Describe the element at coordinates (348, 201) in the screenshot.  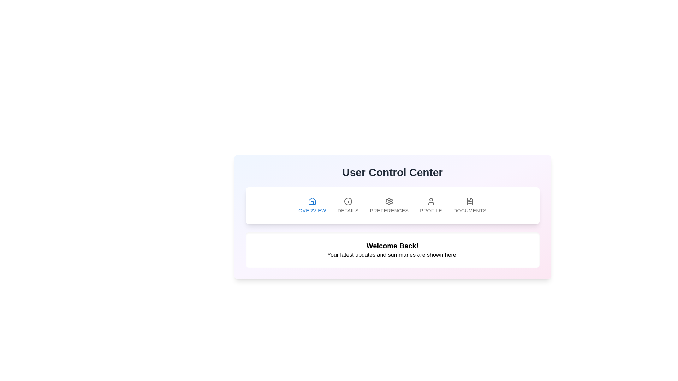
I see `the circular outline of the SVG icon within the 'DETAILS' tab under the 'User Control Center' heading` at that location.